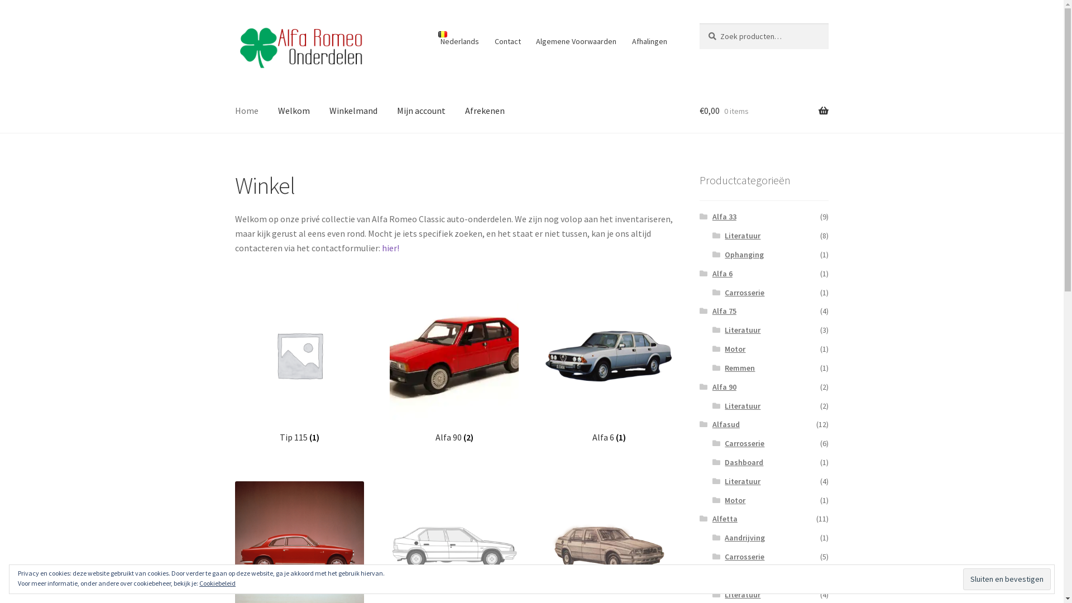 Image resolution: width=1072 pixels, height=603 pixels. Describe the element at coordinates (485, 111) in the screenshot. I see `'Afrekenen'` at that location.